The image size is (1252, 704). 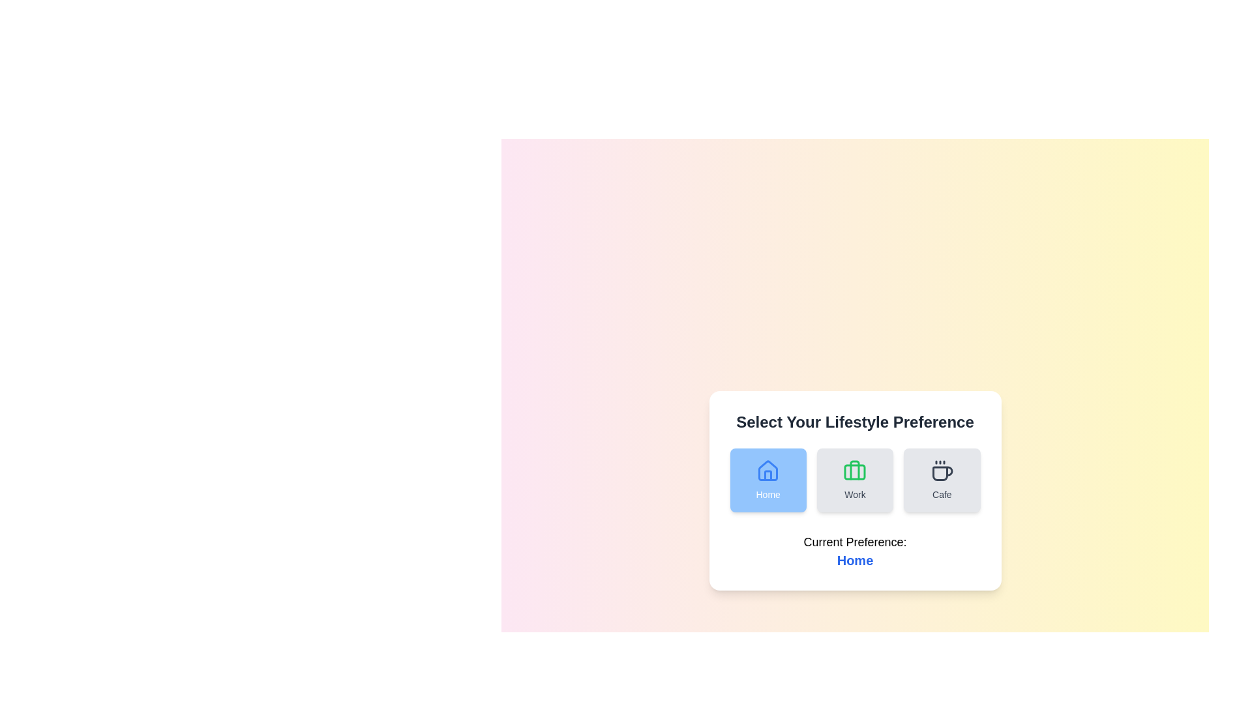 I want to click on the green 'Work' button featuring a briefcase icon, so click(x=855, y=480).